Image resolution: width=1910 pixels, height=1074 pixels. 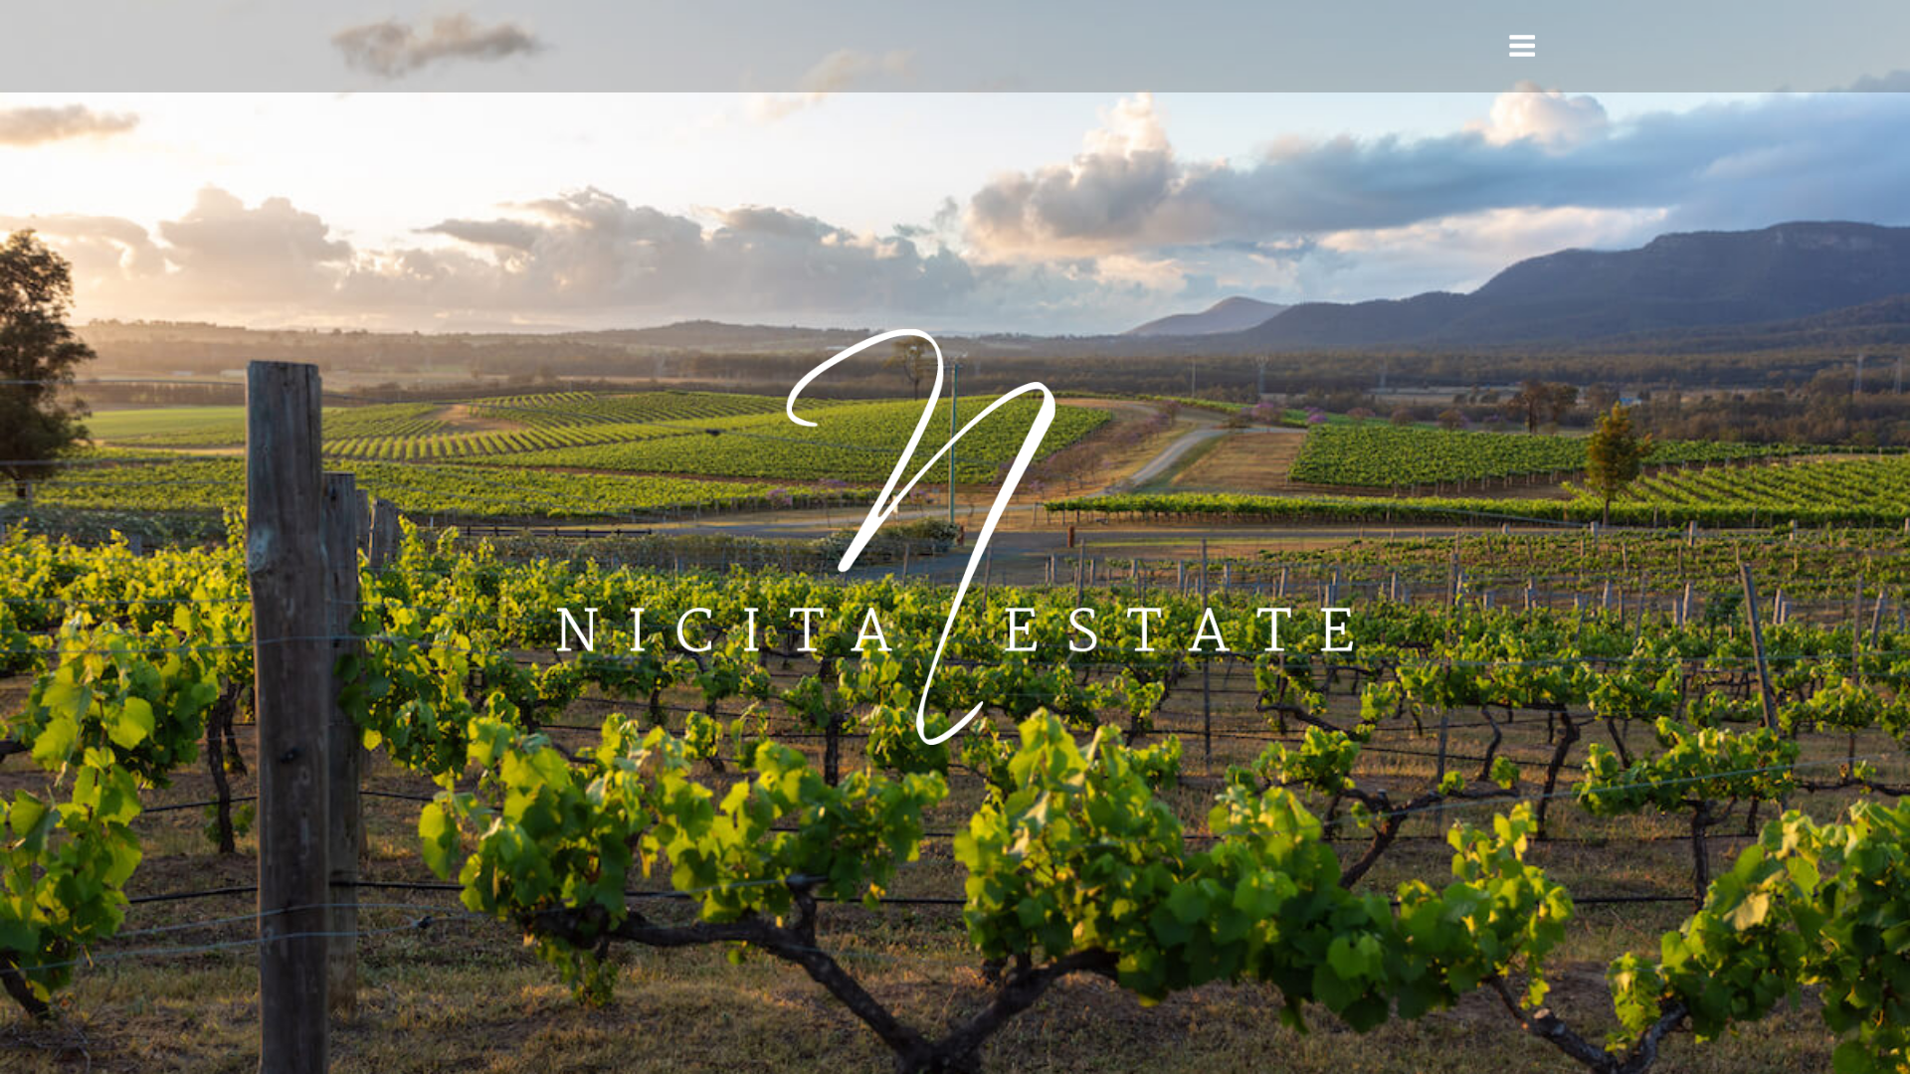 What do you see at coordinates (0, 0) in the screenshot?
I see `'Skip to content'` at bounding box center [0, 0].